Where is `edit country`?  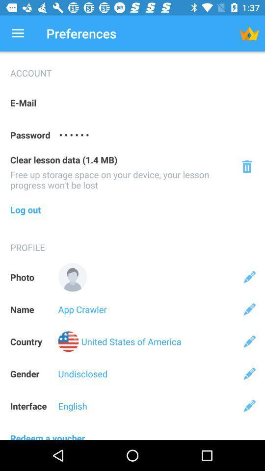 edit country is located at coordinates (249, 341).